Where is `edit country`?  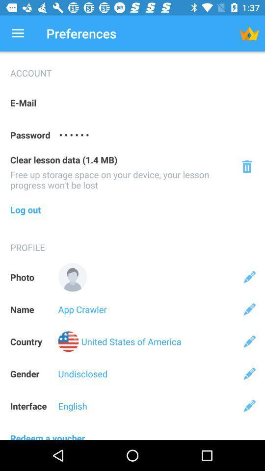 edit country is located at coordinates (249, 341).